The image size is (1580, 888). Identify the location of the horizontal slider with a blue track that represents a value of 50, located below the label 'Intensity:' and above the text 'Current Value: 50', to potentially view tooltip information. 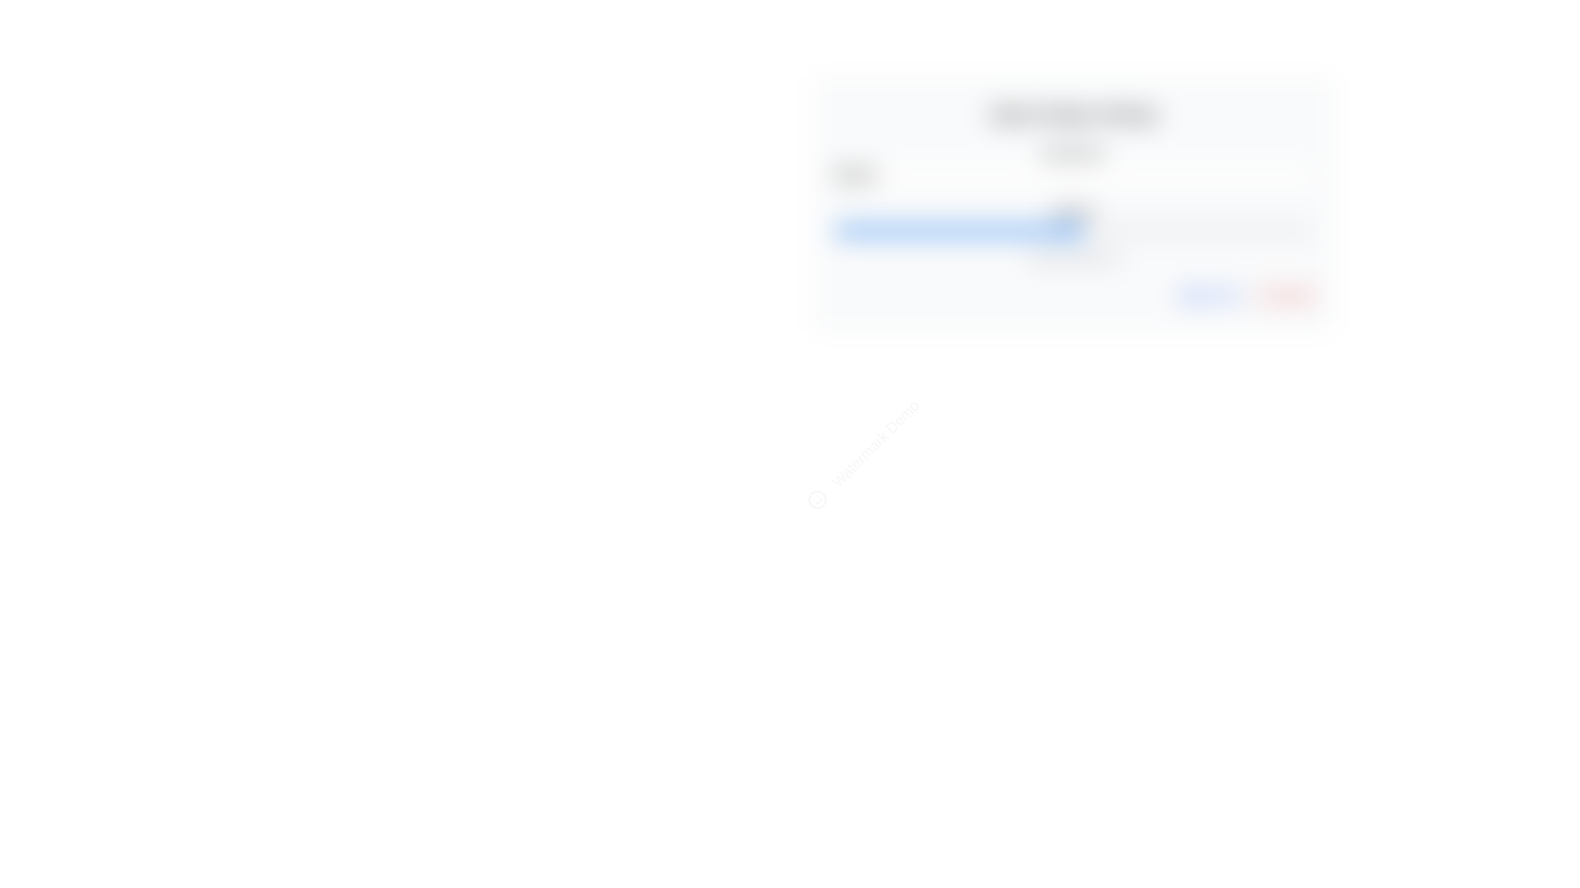
(1074, 231).